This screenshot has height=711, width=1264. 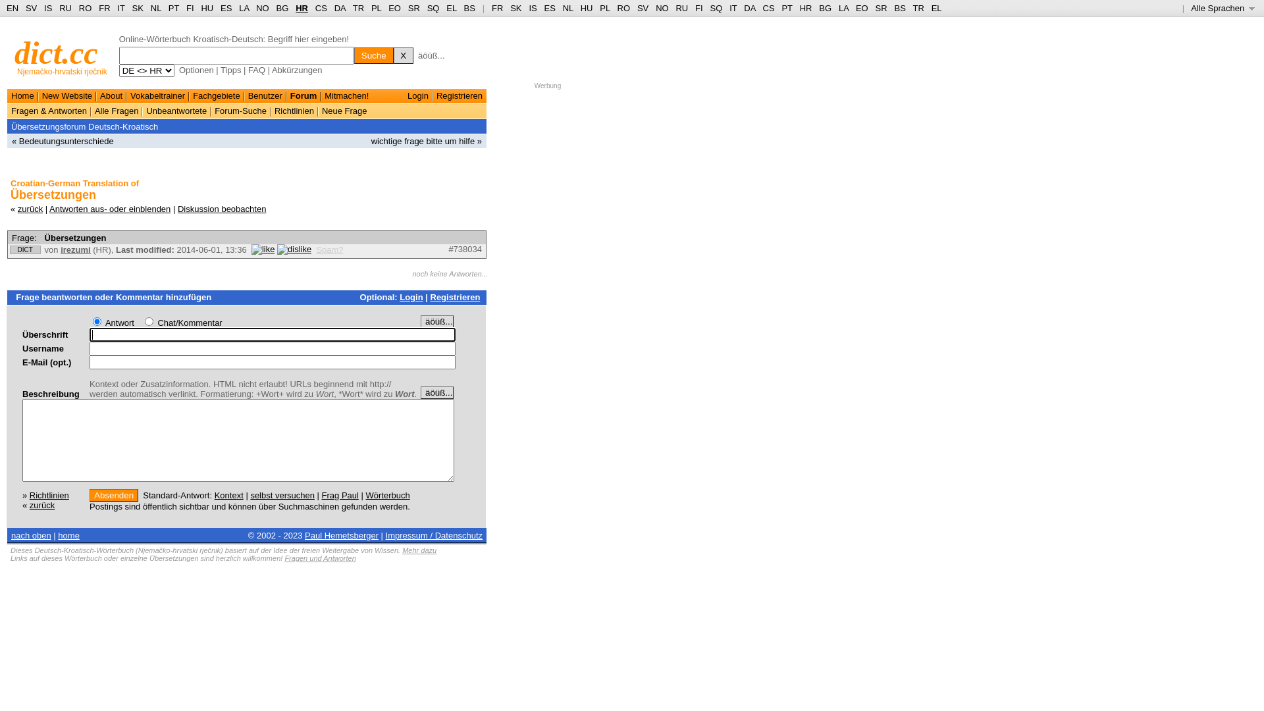 What do you see at coordinates (49, 208) in the screenshot?
I see `'Antworten aus- oder einblenden'` at bounding box center [49, 208].